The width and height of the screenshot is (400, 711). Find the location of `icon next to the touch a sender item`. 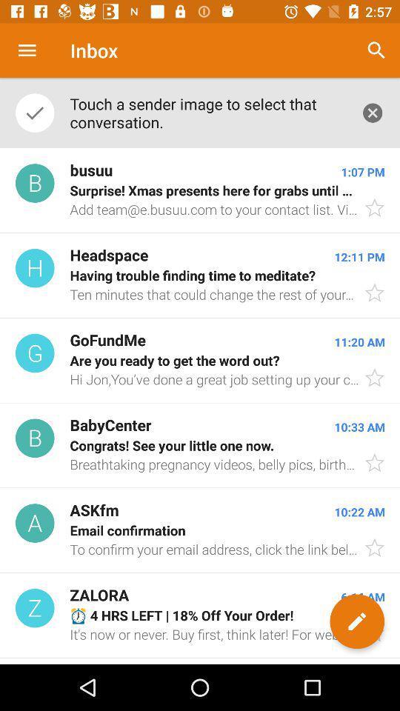

icon next to the touch a sender item is located at coordinates (372, 112).